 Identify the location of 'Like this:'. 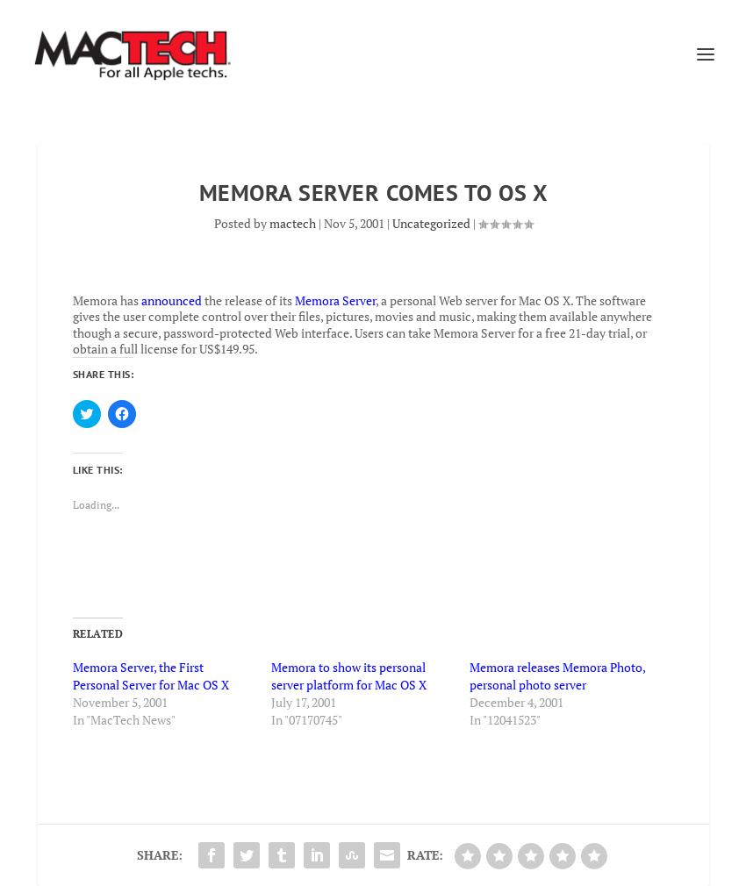
(96, 468).